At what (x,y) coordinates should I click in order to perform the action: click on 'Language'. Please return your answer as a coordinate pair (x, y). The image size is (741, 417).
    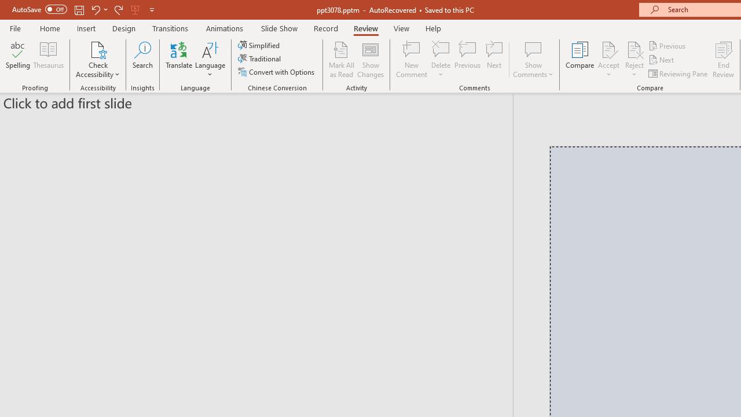
    Looking at the image, I should click on (210, 60).